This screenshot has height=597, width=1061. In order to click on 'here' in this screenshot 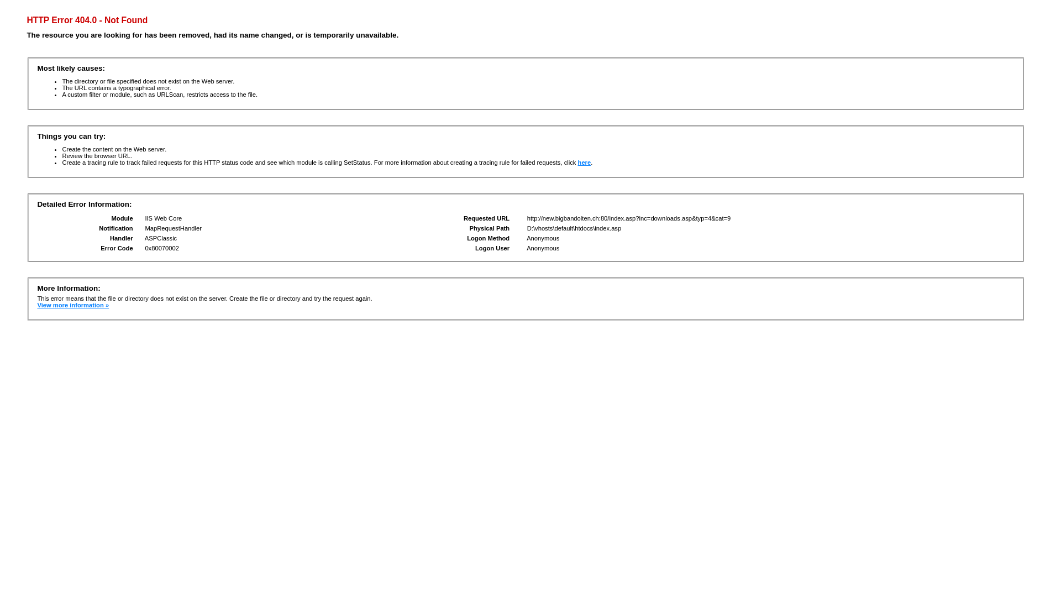, I will do `click(584, 162)`.